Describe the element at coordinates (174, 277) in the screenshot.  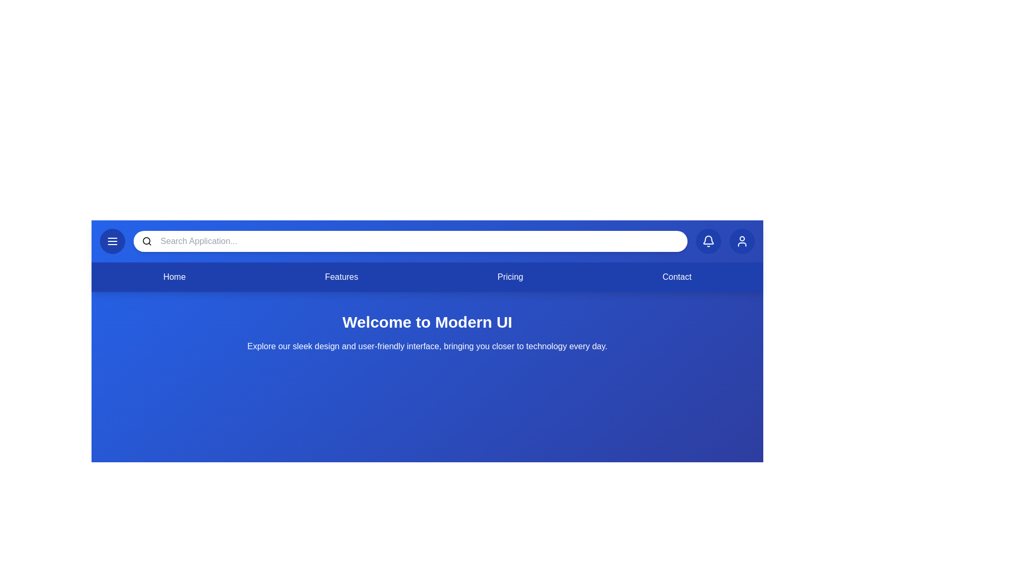
I see `the navigation link Home to access the corresponding section` at that location.